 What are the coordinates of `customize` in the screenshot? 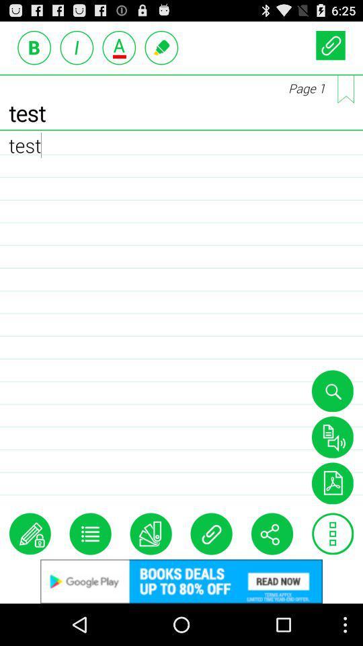 It's located at (90, 534).